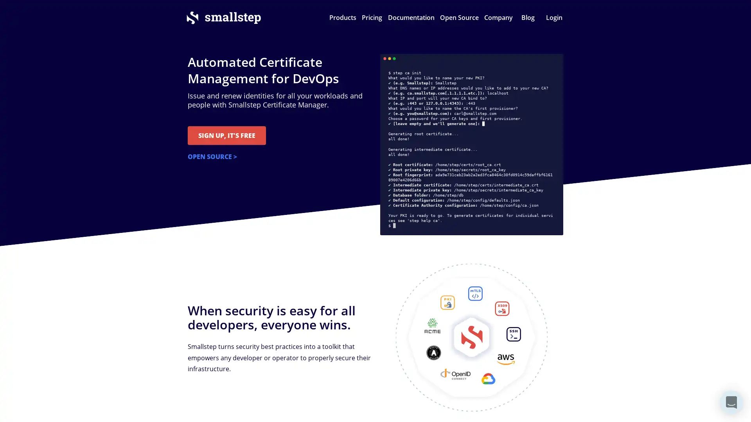 This screenshot has width=751, height=422. I want to click on Open Intercom Messenger, so click(731, 402).